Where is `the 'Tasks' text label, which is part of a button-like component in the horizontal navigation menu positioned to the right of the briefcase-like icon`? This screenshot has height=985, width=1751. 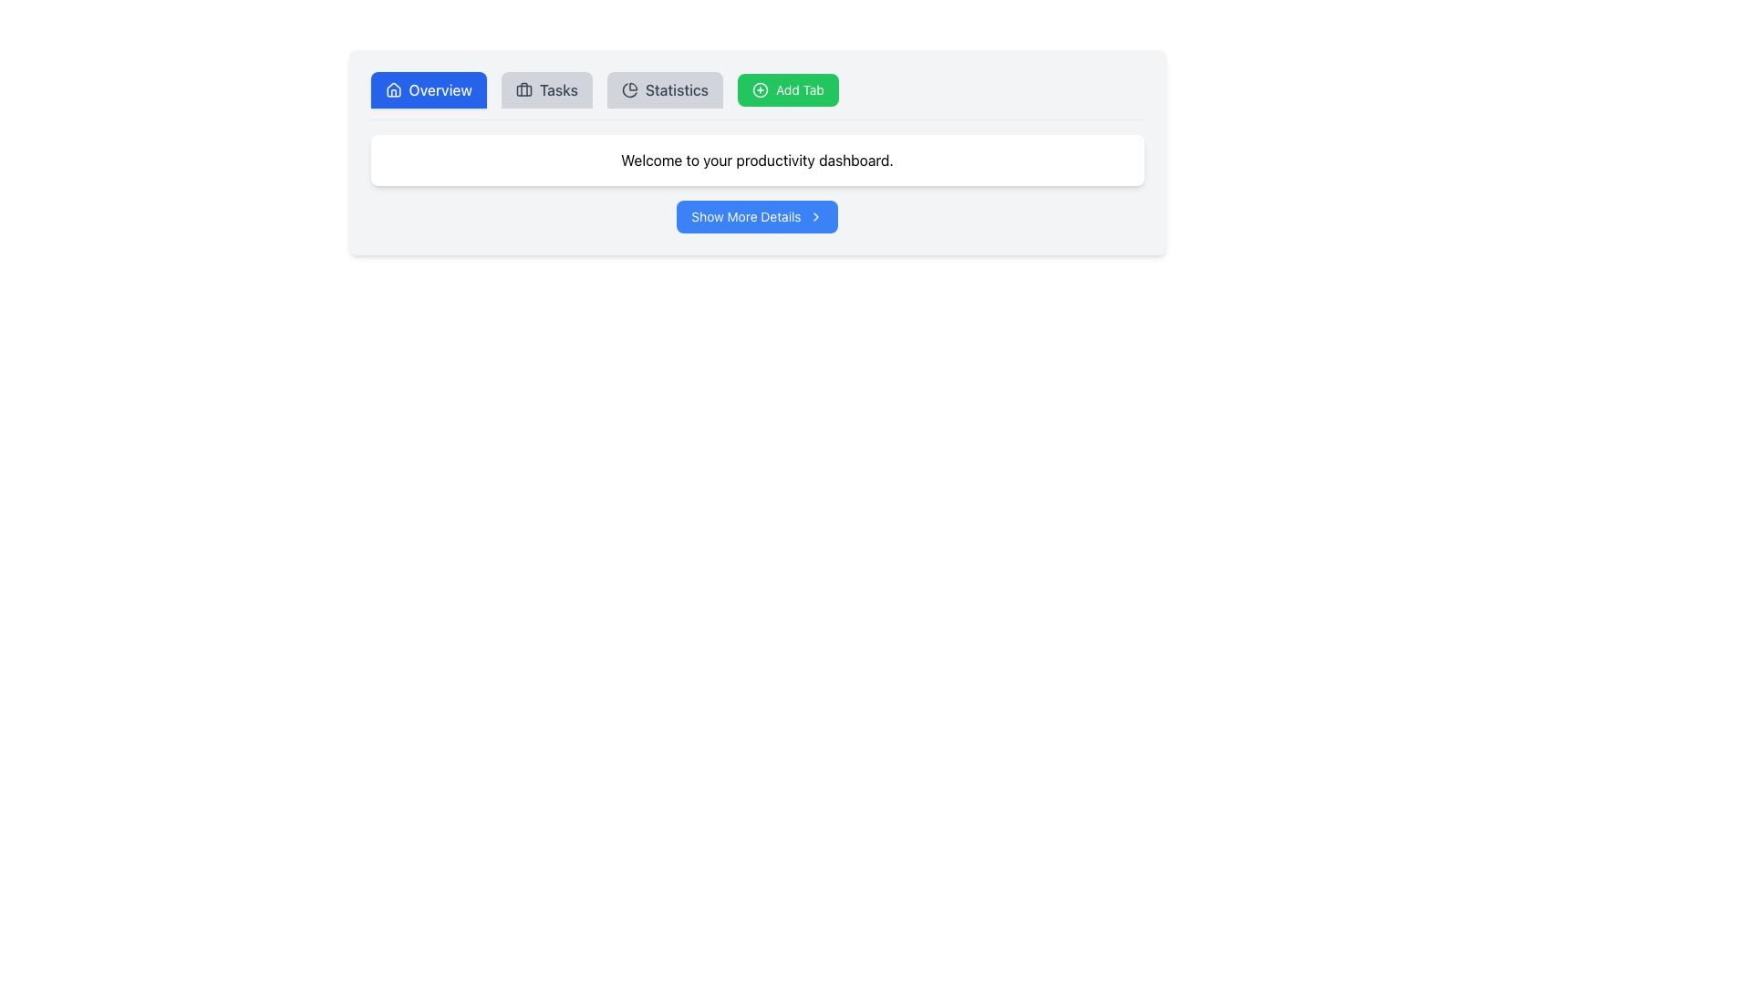
the 'Tasks' text label, which is part of a button-like component in the horizontal navigation menu positioned to the right of the briefcase-like icon is located at coordinates (557, 90).